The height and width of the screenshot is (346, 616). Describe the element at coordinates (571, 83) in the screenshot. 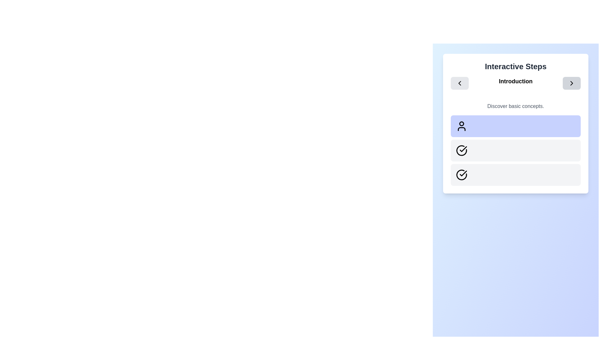

I see `the chevron right arrow SVG icon button located centrally within its rounded rectangular button` at that location.